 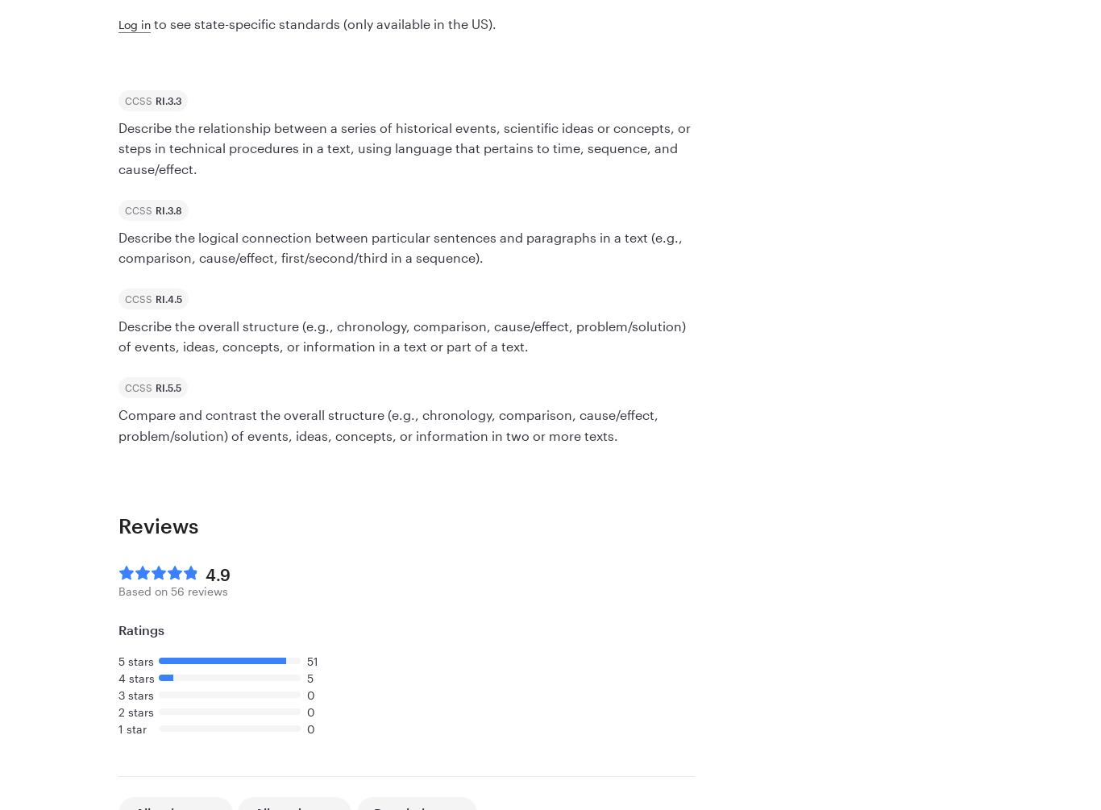 I want to click on 'RI.5.5', so click(x=167, y=387).